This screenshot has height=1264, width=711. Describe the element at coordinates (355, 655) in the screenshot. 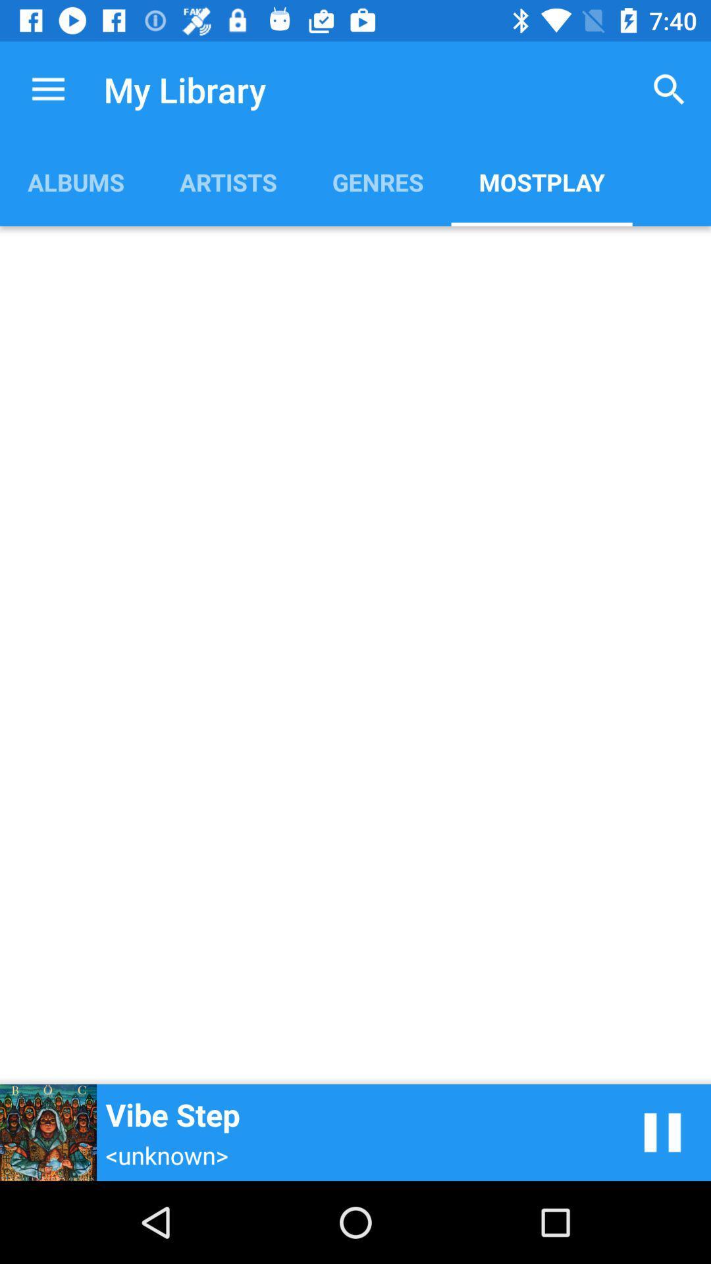

I see `item at the center` at that location.